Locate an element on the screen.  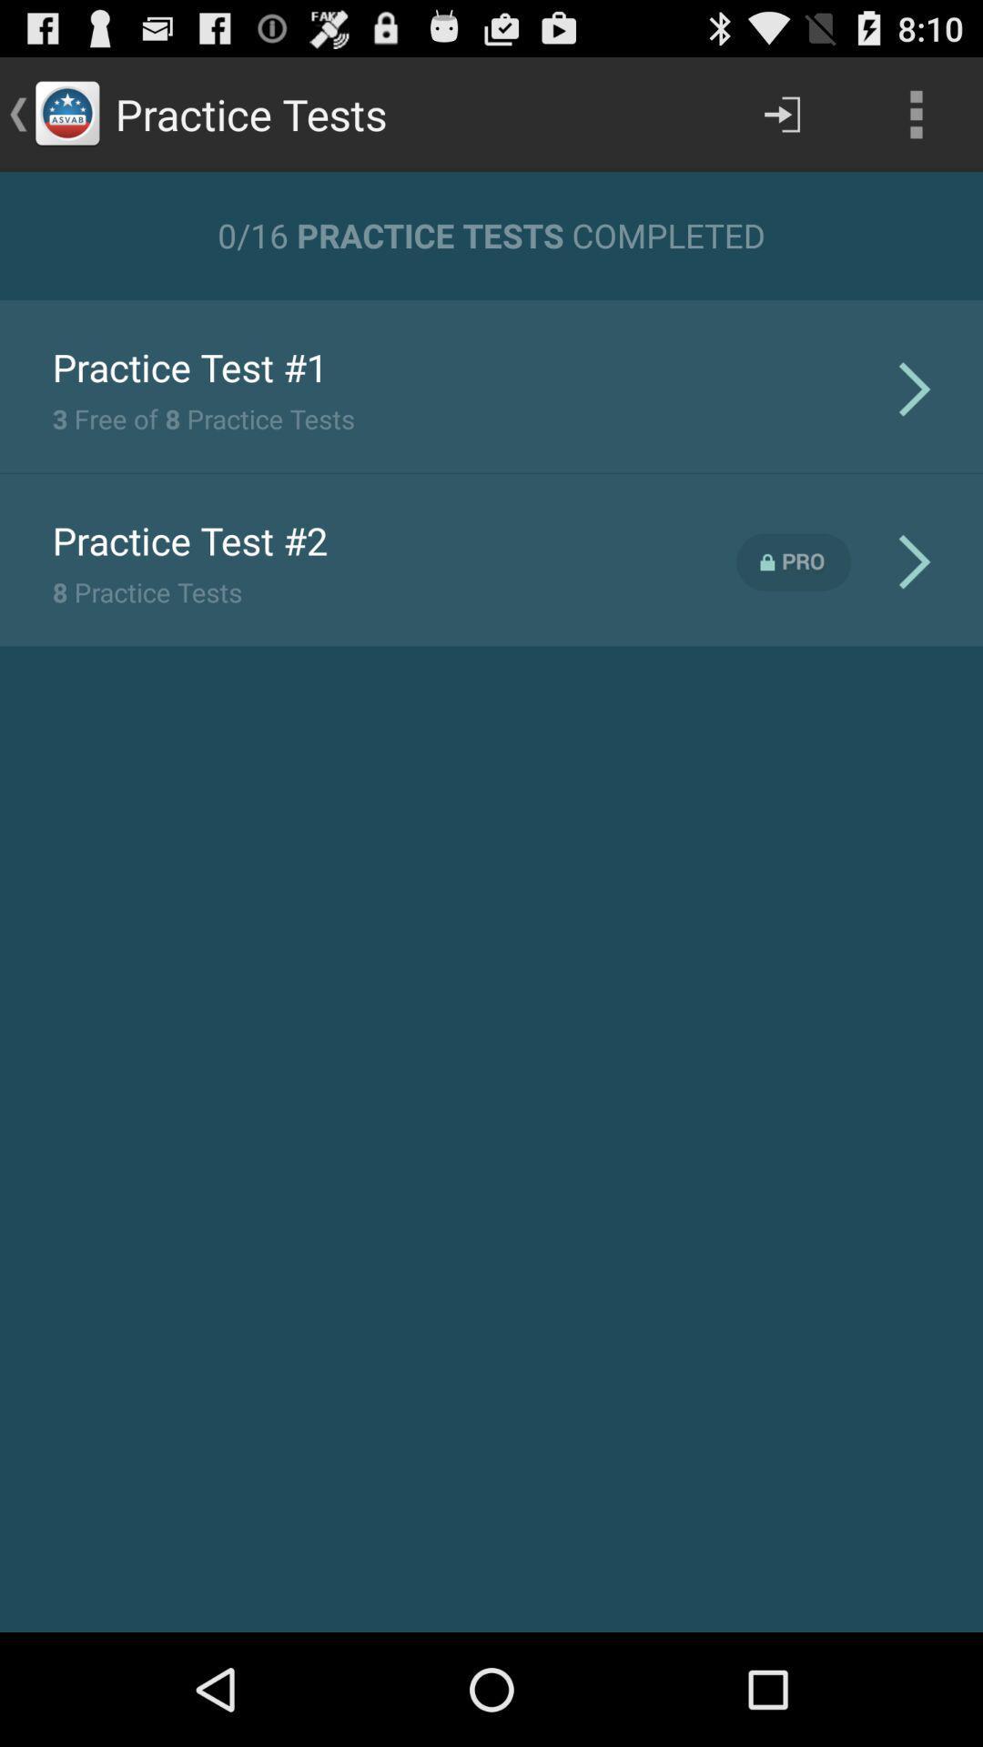
the first arrow icon is located at coordinates (915, 388).